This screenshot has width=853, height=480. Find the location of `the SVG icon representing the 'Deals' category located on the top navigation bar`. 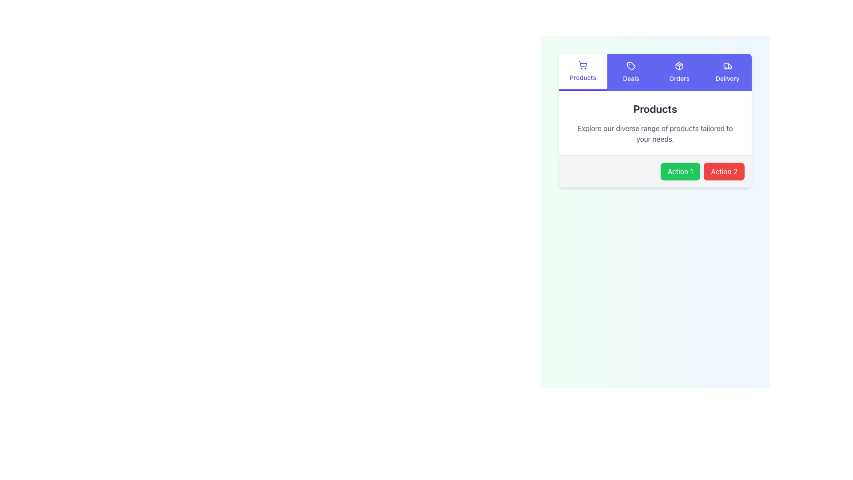

the SVG icon representing the 'Deals' category located on the top navigation bar is located at coordinates (630, 66).